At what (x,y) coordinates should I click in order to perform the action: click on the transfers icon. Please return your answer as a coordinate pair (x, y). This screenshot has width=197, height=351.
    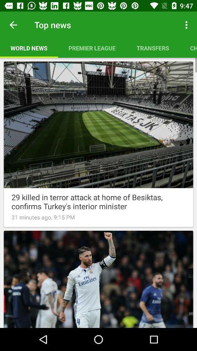
    Looking at the image, I should click on (152, 48).